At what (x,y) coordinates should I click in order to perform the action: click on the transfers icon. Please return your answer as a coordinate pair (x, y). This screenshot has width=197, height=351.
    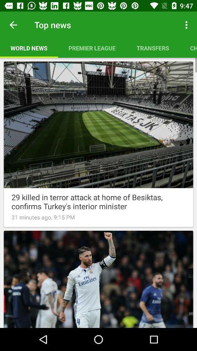
    Looking at the image, I should click on (152, 48).